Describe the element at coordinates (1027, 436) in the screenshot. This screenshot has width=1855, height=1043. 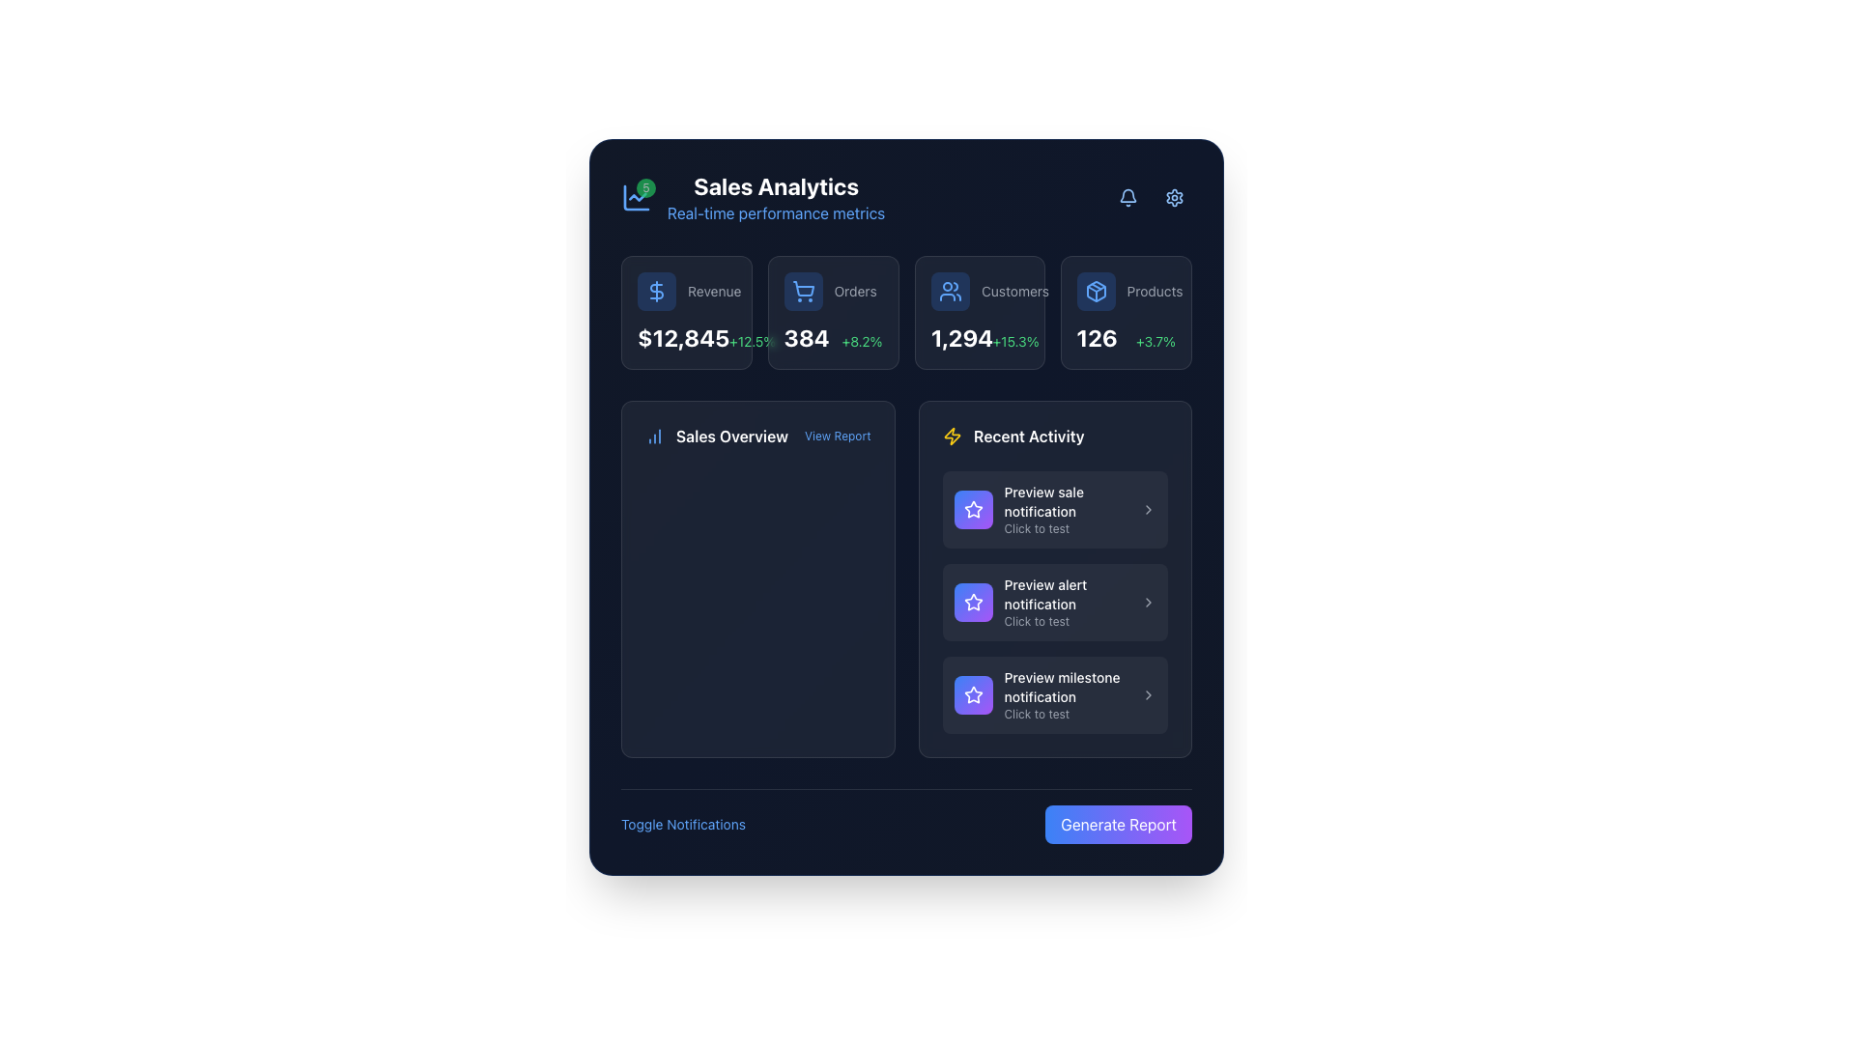
I see `the 'Recent Activity' text label, which is styled with a bold typeface and white font color, located within a dark background on the right side of the interface under the 'Sales Analytics' section` at that location.